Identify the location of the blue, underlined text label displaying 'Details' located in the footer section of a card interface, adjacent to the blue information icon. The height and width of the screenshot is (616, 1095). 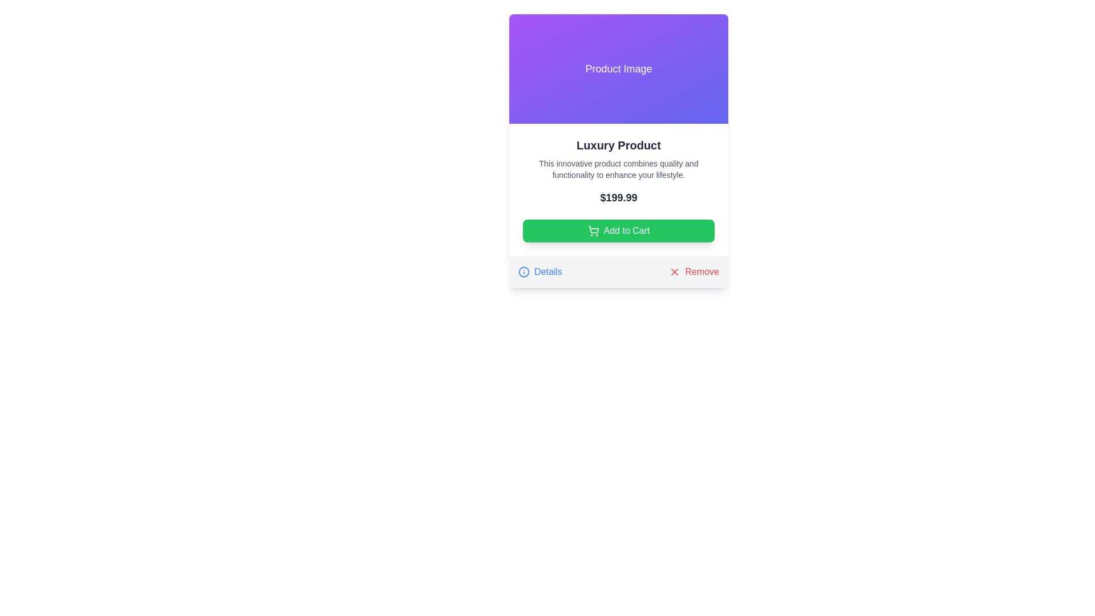
(548, 272).